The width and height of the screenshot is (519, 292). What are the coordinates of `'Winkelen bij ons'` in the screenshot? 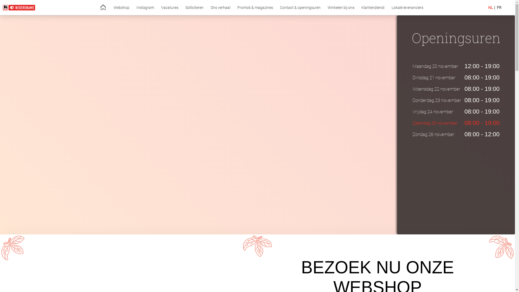 It's located at (341, 7).